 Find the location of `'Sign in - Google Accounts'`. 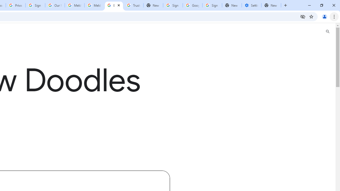

'Sign in - Google Accounts' is located at coordinates (35, 5).